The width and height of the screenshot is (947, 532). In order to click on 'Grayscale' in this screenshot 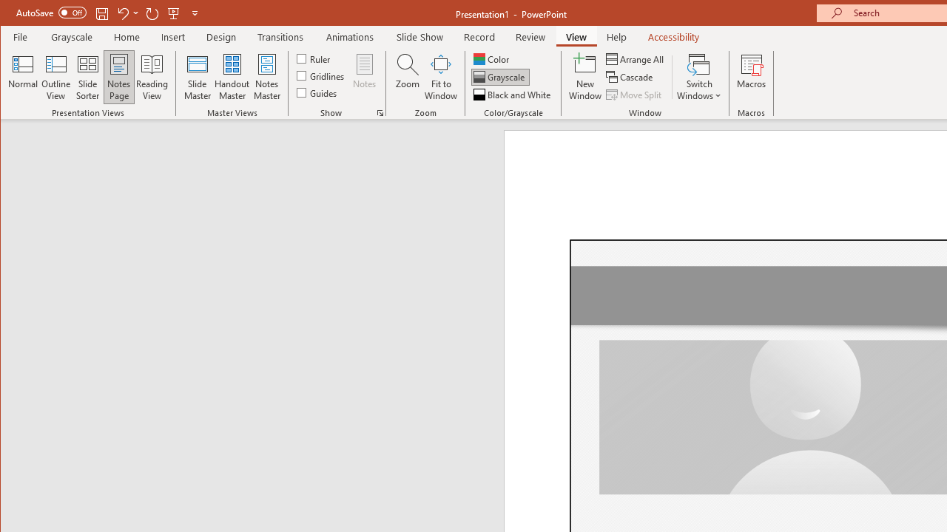, I will do `click(500, 77)`.